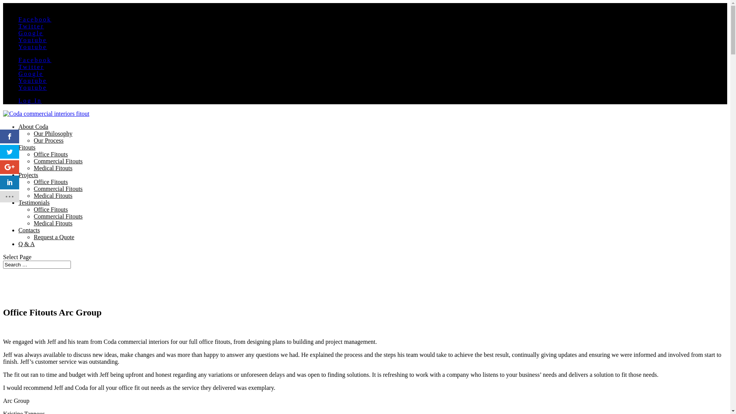 The width and height of the screenshot is (736, 414). Describe the element at coordinates (32, 80) in the screenshot. I see `'Youtube'` at that location.